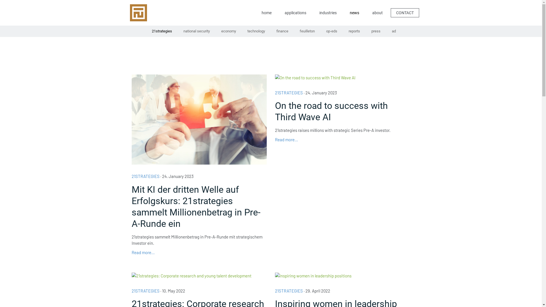 This screenshot has height=307, width=546. I want to click on 'Read more...', so click(286, 139).